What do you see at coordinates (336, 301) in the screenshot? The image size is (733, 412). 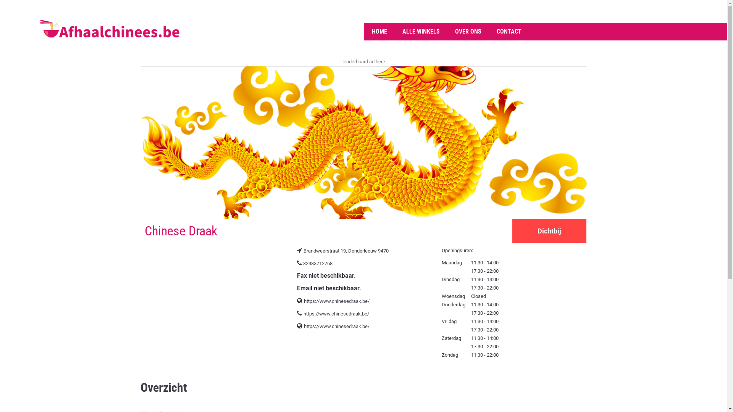 I see `'https://www.chinesedraak.be/'` at bounding box center [336, 301].